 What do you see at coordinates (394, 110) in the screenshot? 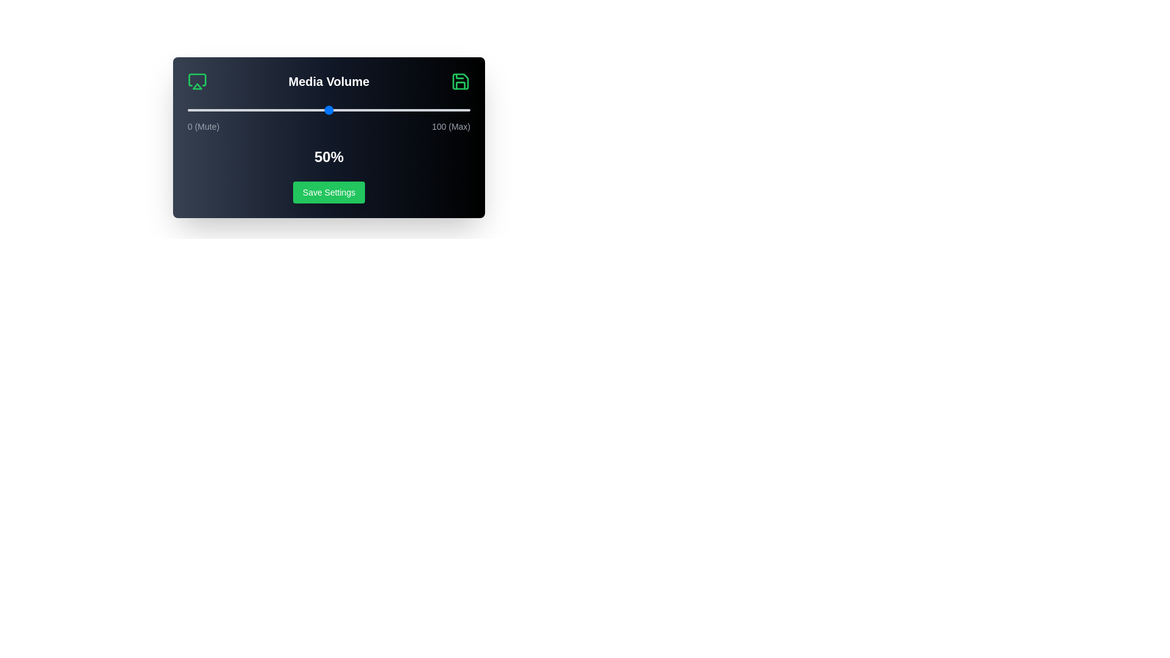
I see `the volume slider to 73%` at bounding box center [394, 110].